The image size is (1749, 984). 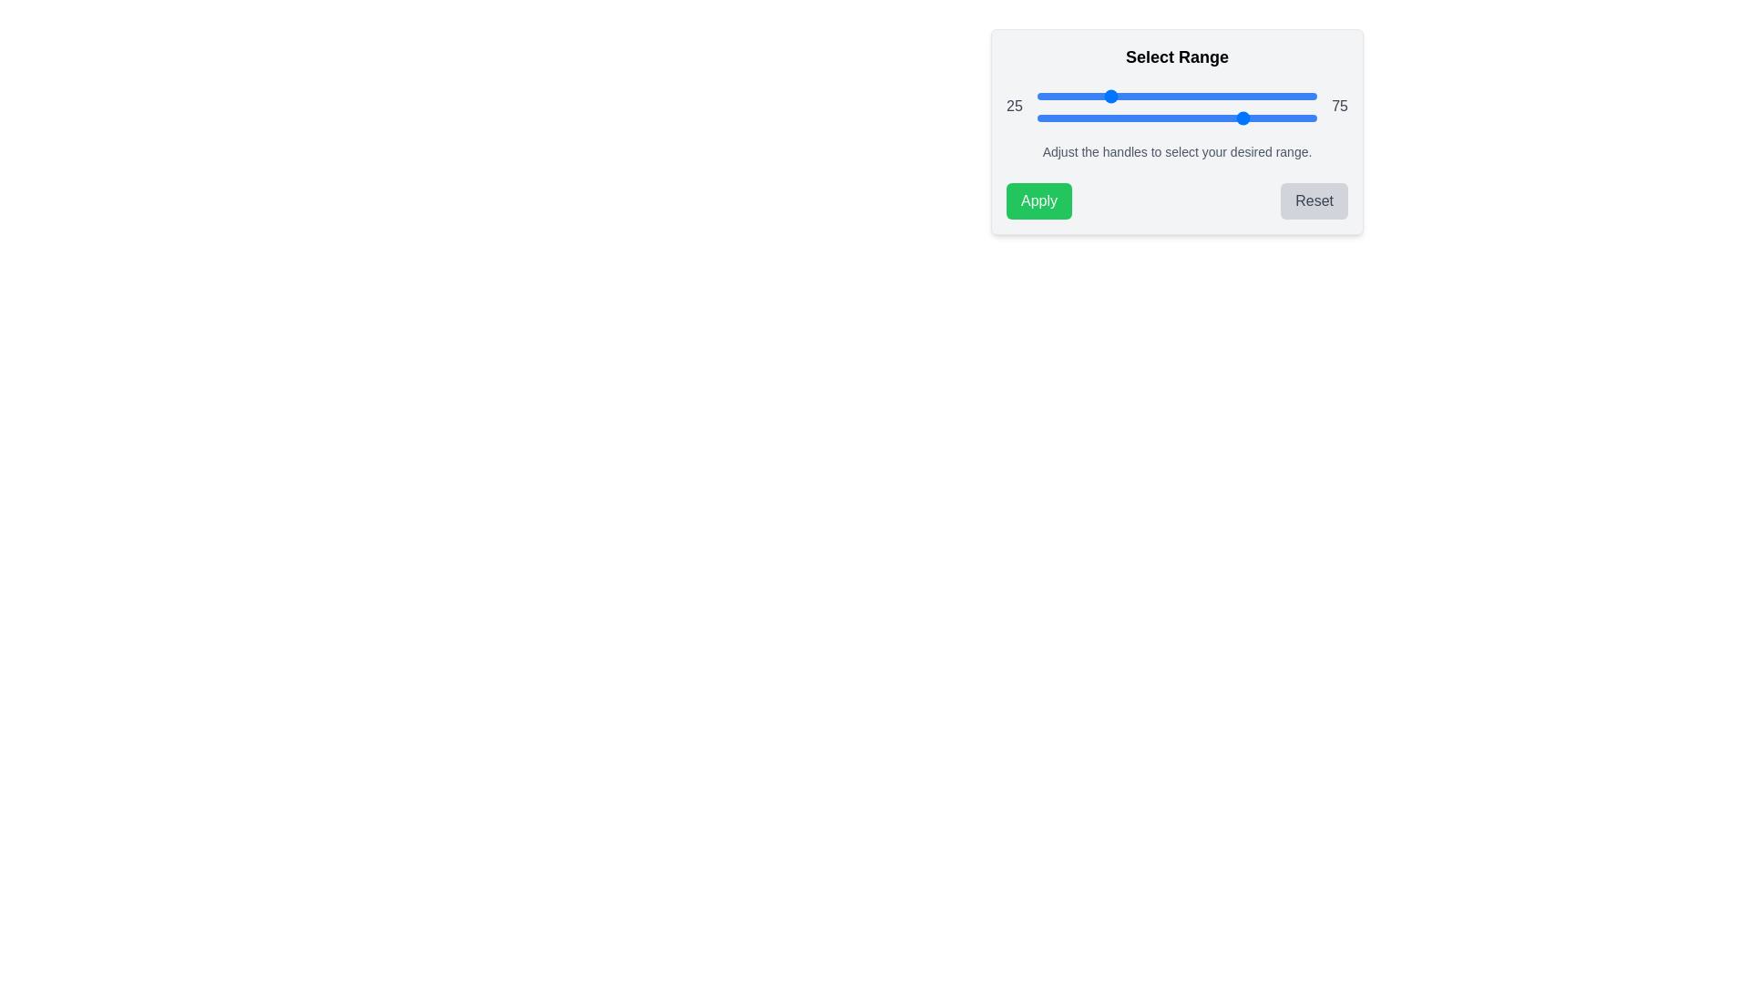 What do you see at coordinates (1039, 118) in the screenshot?
I see `the slider value` at bounding box center [1039, 118].